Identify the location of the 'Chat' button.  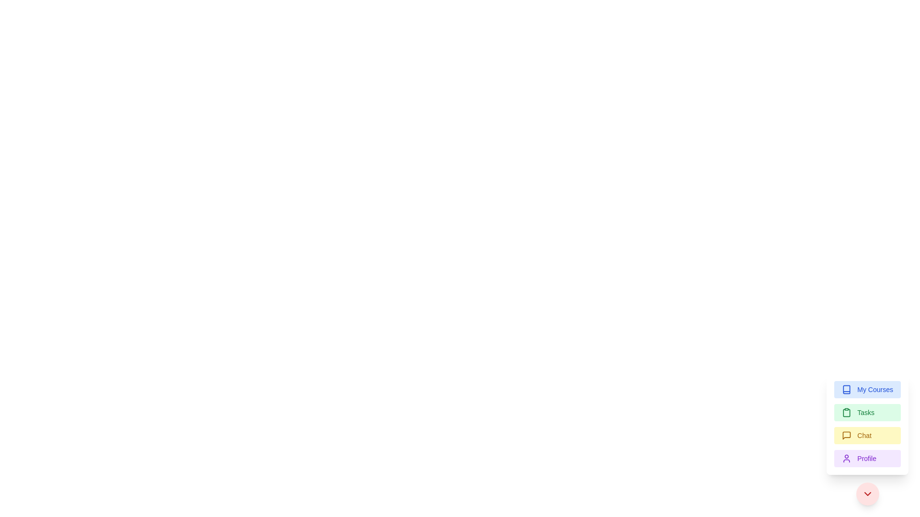
(867, 436).